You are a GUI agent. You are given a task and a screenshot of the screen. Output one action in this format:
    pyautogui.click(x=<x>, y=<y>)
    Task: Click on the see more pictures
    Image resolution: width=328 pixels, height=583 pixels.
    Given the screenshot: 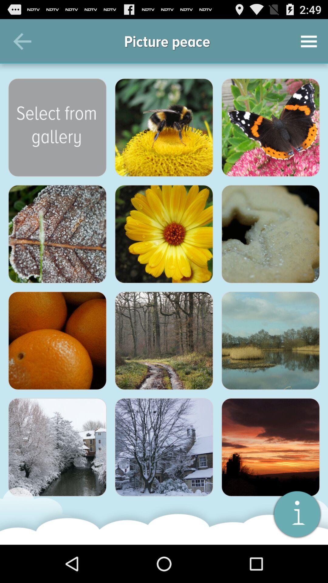 What is the action you would take?
    pyautogui.click(x=57, y=127)
    